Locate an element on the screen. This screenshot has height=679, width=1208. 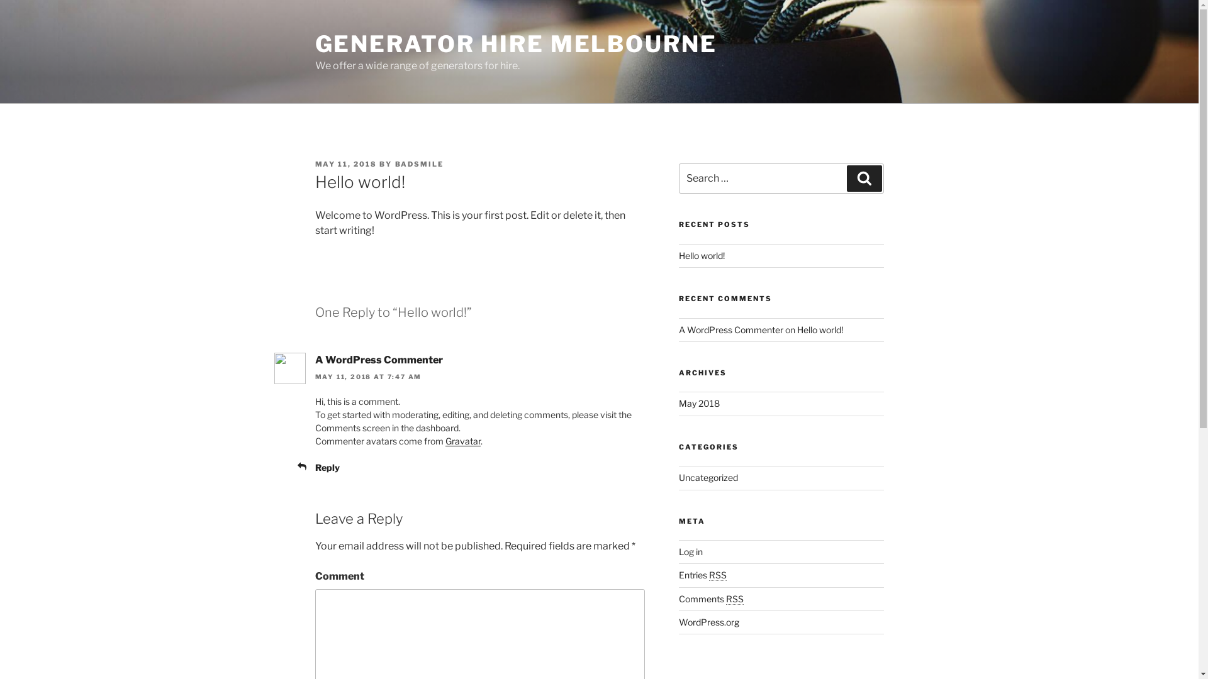
'MAY 11, 2018 AT 7:47 AM' is located at coordinates (367, 375).